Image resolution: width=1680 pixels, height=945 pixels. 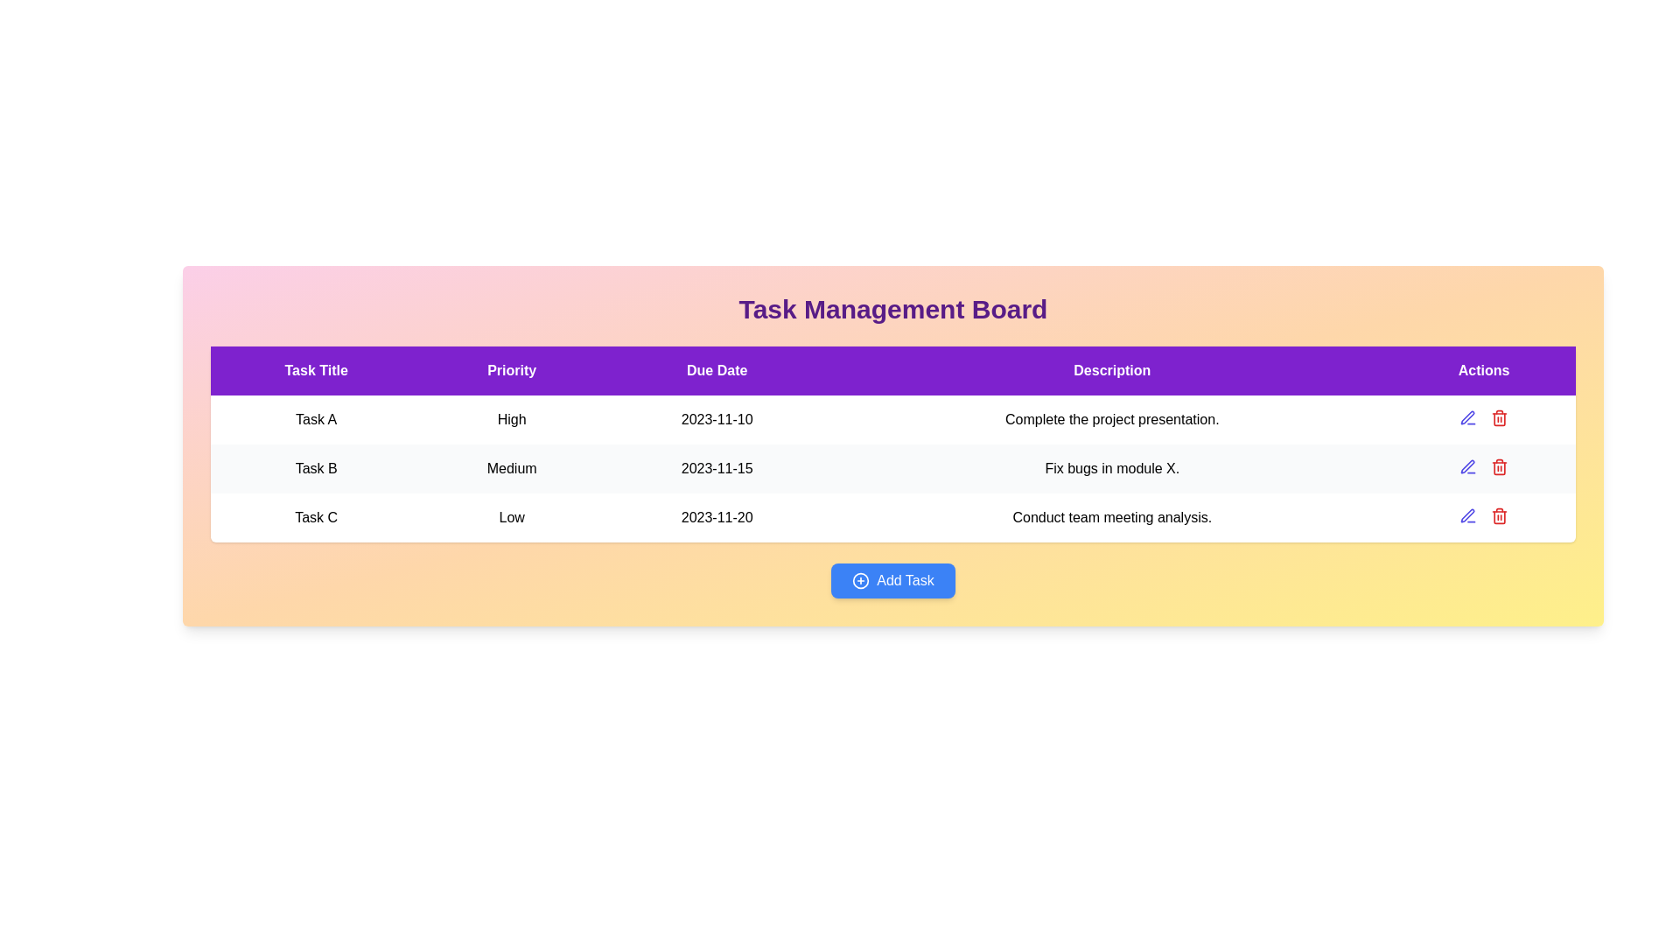 I want to click on the text label in the fifth position of the grid header, which indicates the 'Actions' column, so click(x=1483, y=370).